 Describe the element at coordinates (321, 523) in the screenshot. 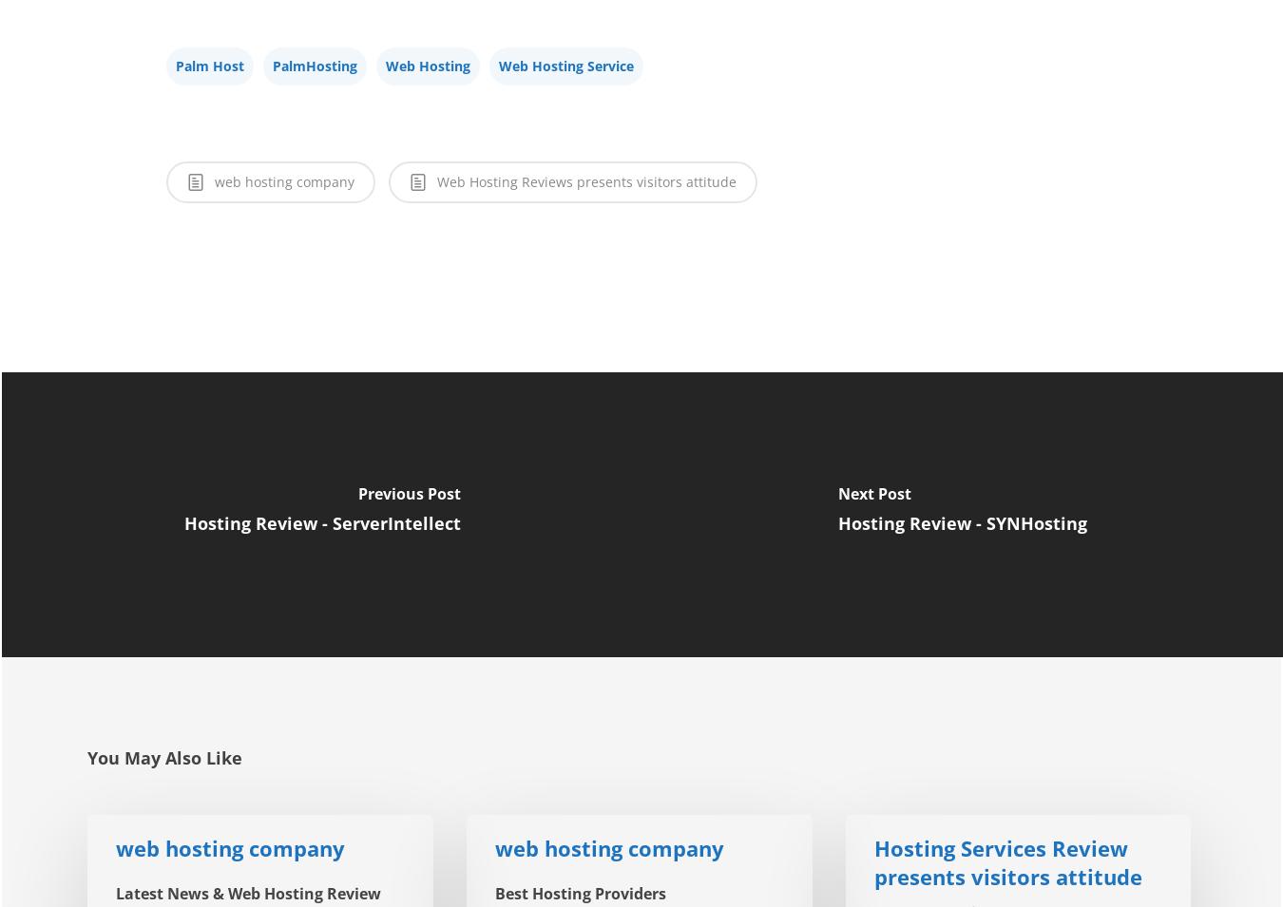

I see `'Hosting Review - ServerIntellect'` at that location.